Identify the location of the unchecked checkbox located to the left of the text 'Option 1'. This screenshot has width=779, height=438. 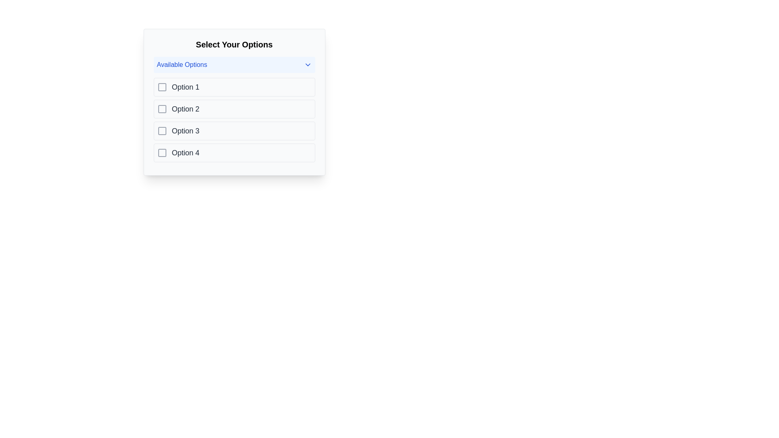
(162, 87).